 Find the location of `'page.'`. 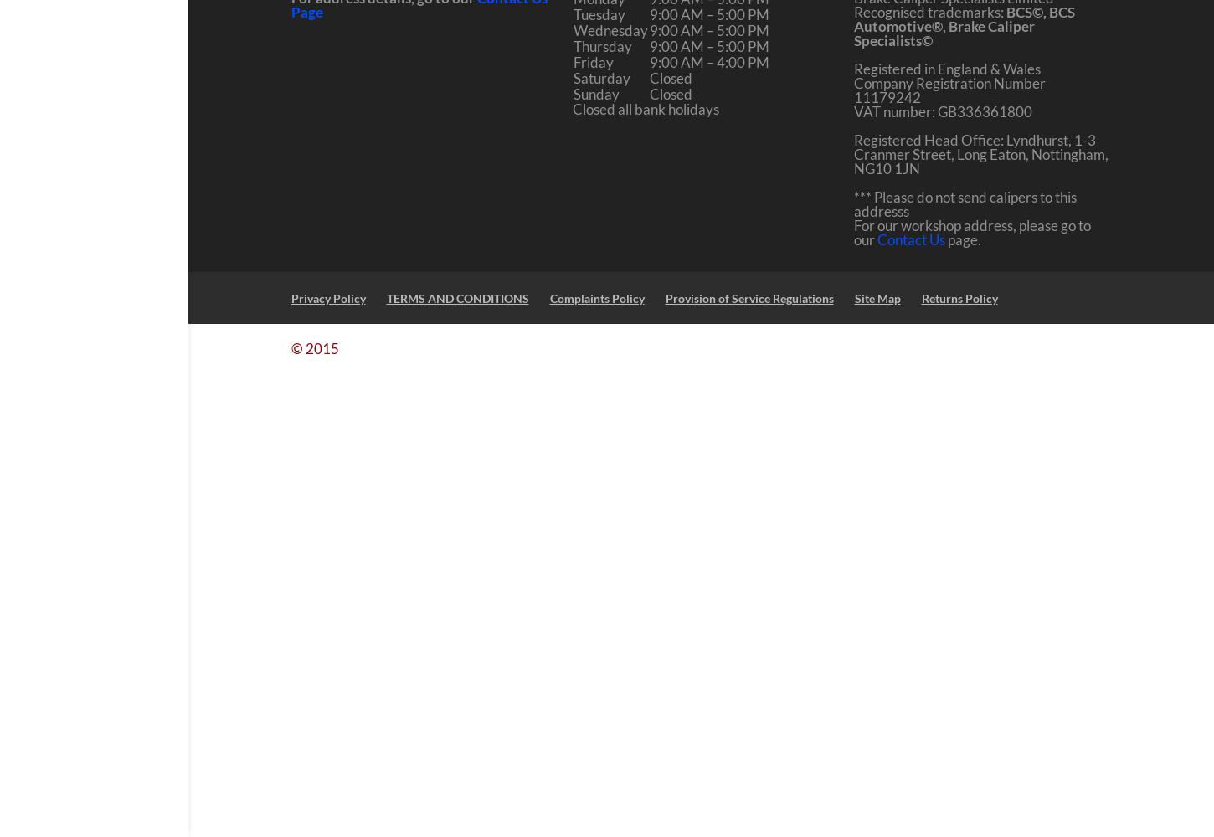

'page.' is located at coordinates (962, 239).